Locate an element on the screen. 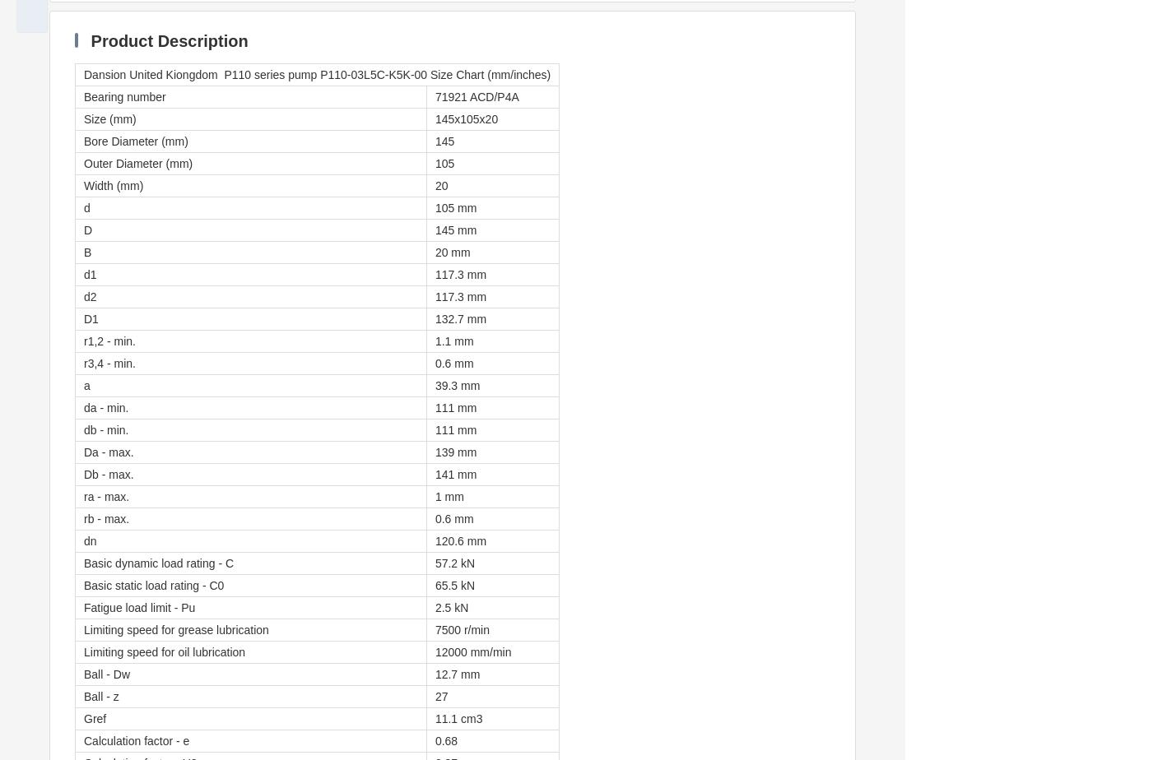 This screenshot has width=1153, height=760. 'Ball - Dw' is located at coordinates (106, 674).